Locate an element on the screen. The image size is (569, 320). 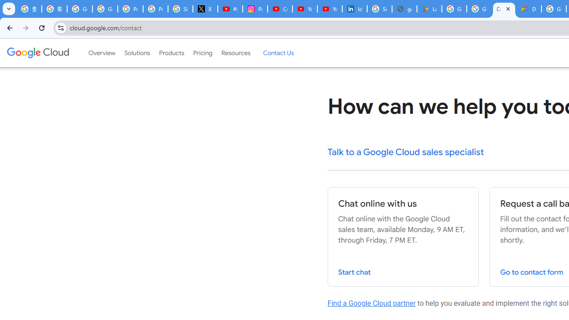
'Sign in - Google Accounts' is located at coordinates (379, 9).